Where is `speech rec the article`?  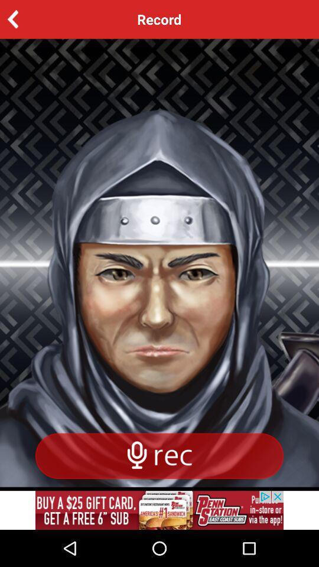 speech rec the article is located at coordinates (159, 455).